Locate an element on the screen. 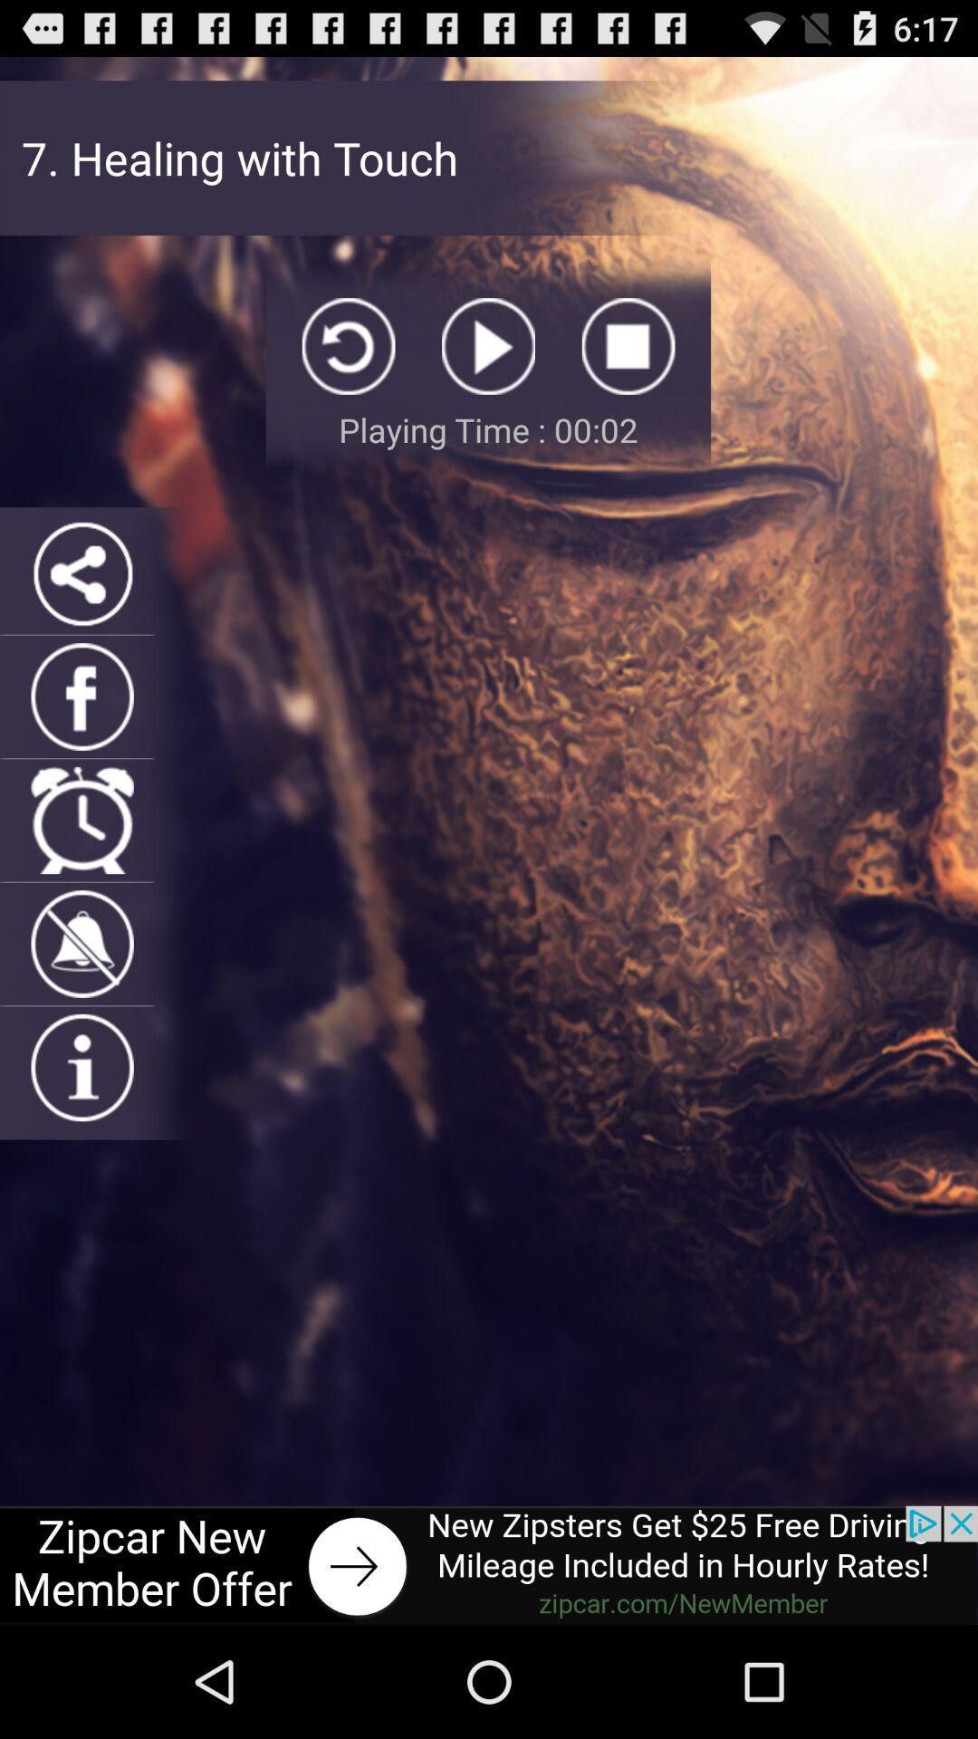 This screenshot has height=1739, width=978. stop option is located at coordinates (628, 346).